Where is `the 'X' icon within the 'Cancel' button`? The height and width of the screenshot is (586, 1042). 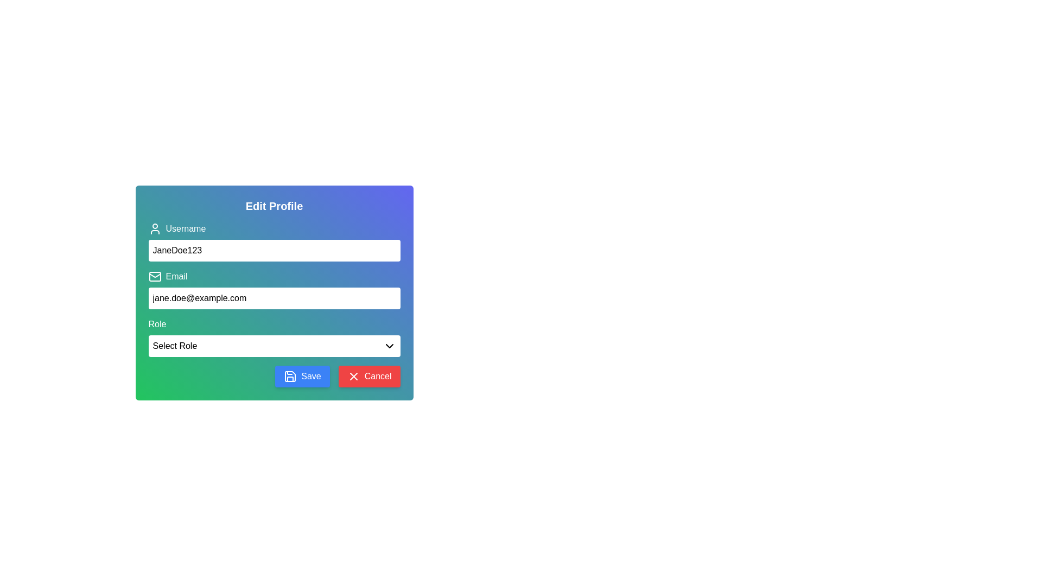 the 'X' icon within the 'Cancel' button is located at coordinates (353, 376).